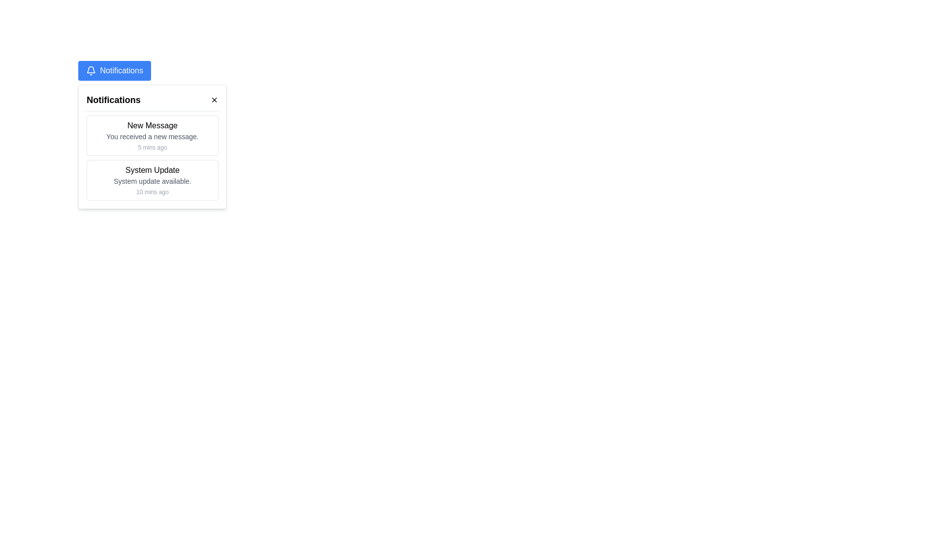  What do you see at coordinates (121, 70) in the screenshot?
I see `the Text Label next to the bell icon on the blue button` at bounding box center [121, 70].